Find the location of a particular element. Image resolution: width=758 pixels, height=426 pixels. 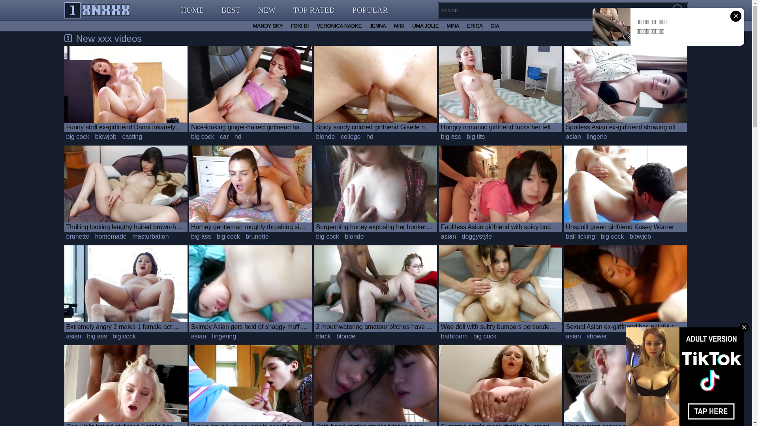

'MANDY SKY' is located at coordinates (248, 25).